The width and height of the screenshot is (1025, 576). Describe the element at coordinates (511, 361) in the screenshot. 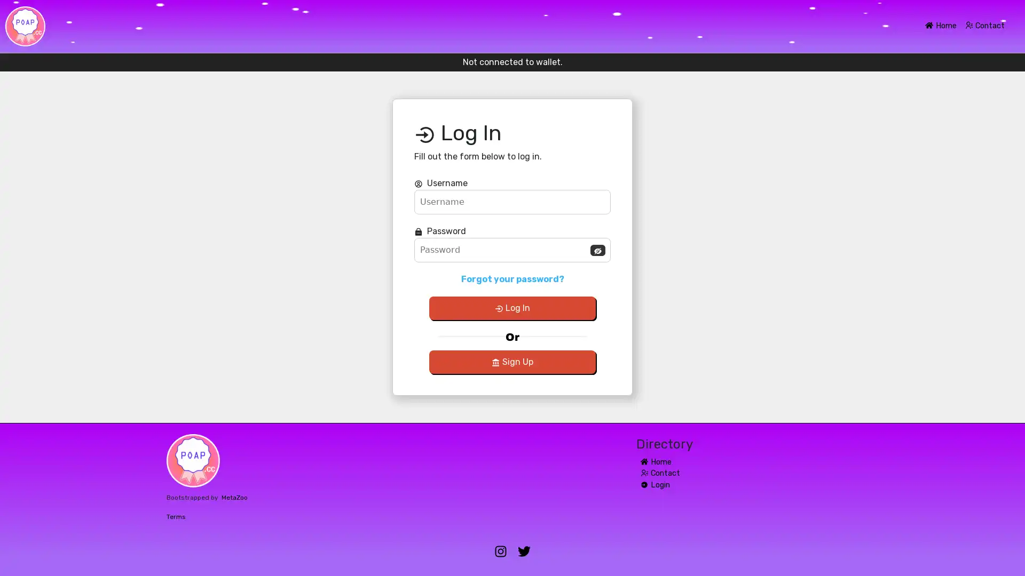

I see `Sign Up` at that location.